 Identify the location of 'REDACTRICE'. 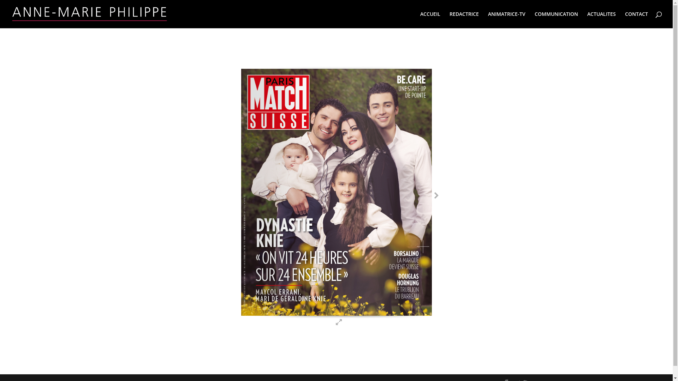
(464, 19).